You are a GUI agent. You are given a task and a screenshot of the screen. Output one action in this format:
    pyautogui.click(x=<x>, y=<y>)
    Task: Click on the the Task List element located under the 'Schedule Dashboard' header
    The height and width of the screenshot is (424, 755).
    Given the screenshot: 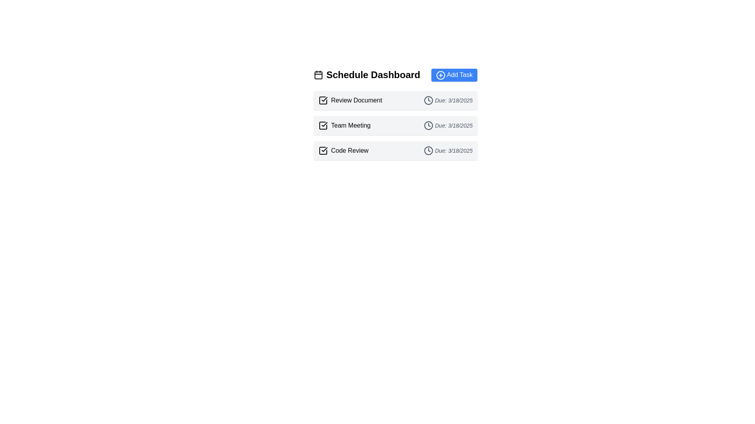 What is the action you would take?
    pyautogui.click(x=396, y=125)
    